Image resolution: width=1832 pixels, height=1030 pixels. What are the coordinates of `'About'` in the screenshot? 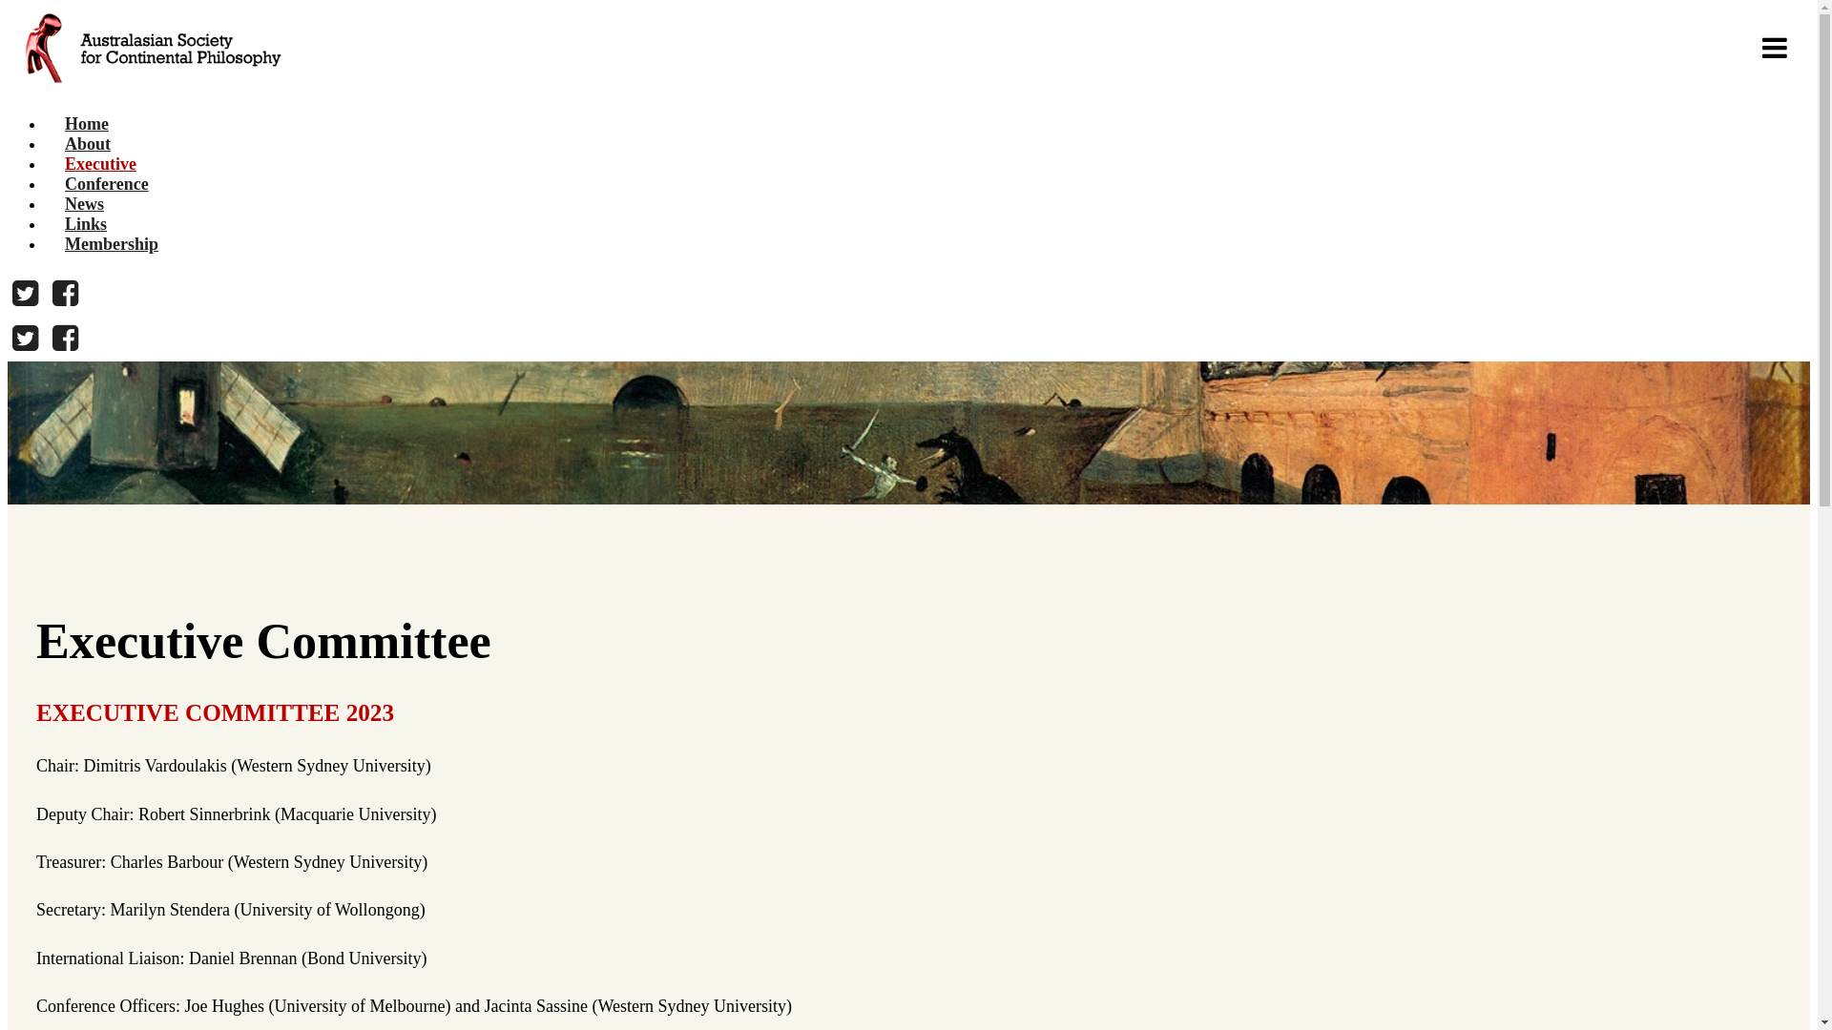 It's located at (46, 142).